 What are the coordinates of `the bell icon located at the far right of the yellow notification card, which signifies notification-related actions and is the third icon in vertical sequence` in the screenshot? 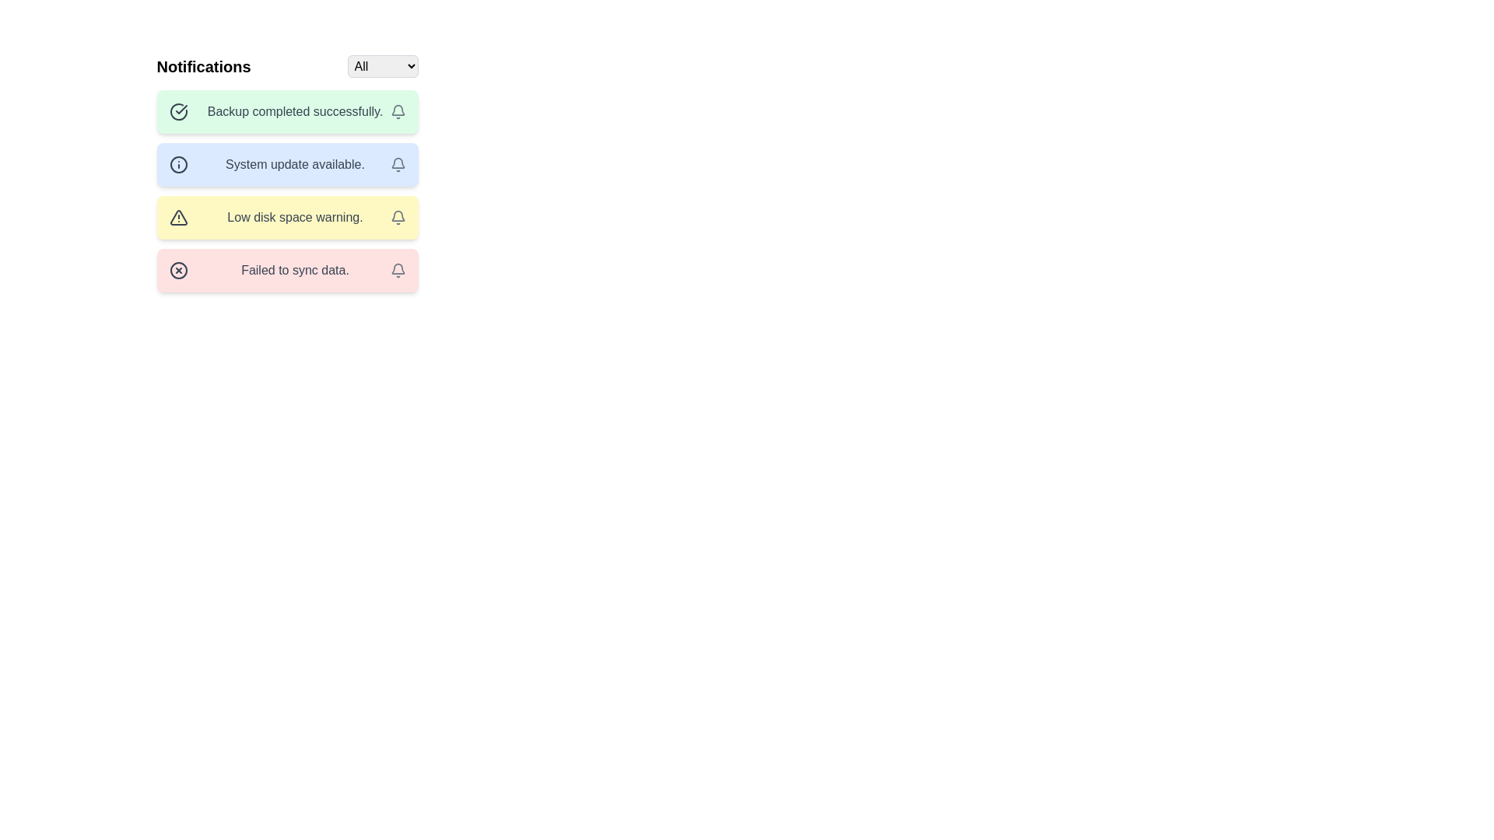 It's located at (398, 218).